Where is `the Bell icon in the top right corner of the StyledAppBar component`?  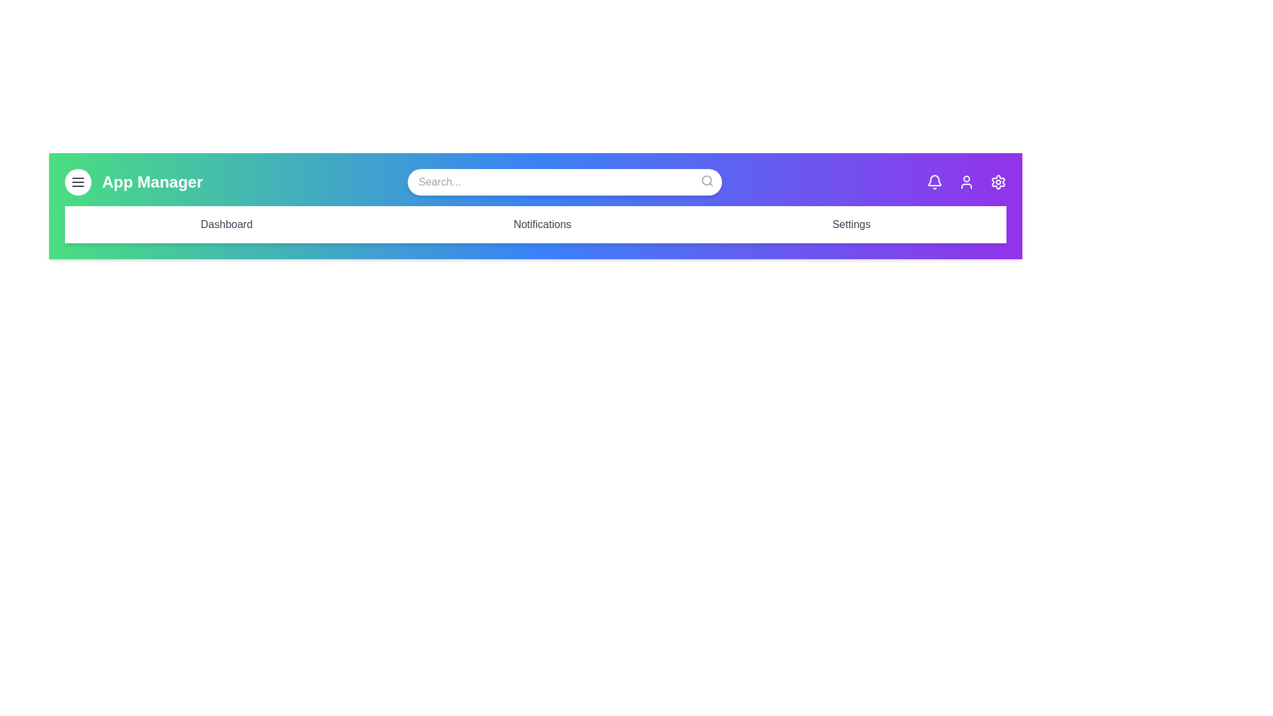 the Bell icon in the top right corner of the StyledAppBar component is located at coordinates (934, 182).